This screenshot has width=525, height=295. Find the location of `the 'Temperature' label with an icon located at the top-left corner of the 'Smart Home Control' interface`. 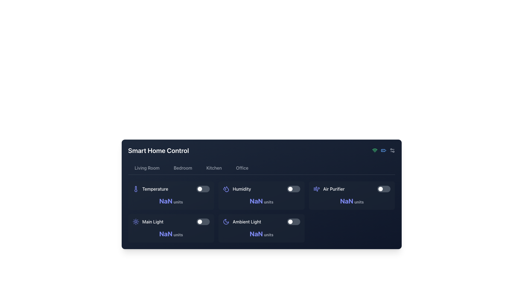

the 'Temperature' label with an icon located at the top-left corner of the 'Smart Home Control' interface is located at coordinates (150, 188).